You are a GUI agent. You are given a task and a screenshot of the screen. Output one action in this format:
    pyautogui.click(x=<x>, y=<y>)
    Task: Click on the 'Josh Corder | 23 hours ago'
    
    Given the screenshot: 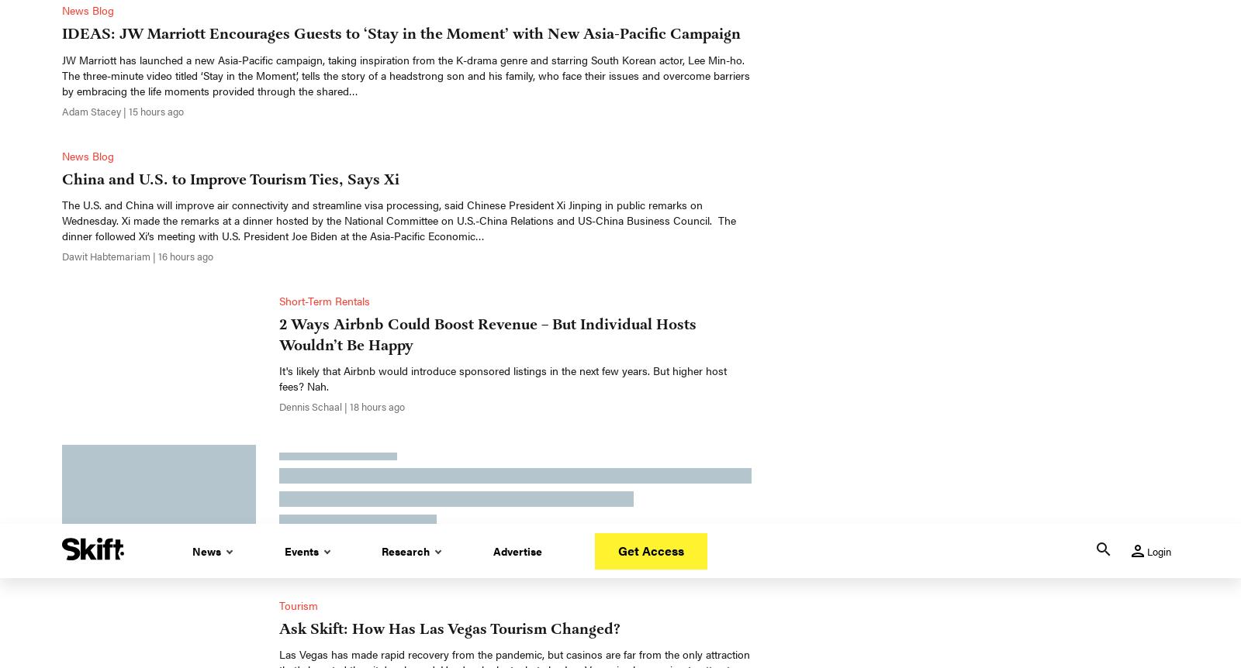 What is the action you would take?
    pyautogui.click(x=337, y=107)
    